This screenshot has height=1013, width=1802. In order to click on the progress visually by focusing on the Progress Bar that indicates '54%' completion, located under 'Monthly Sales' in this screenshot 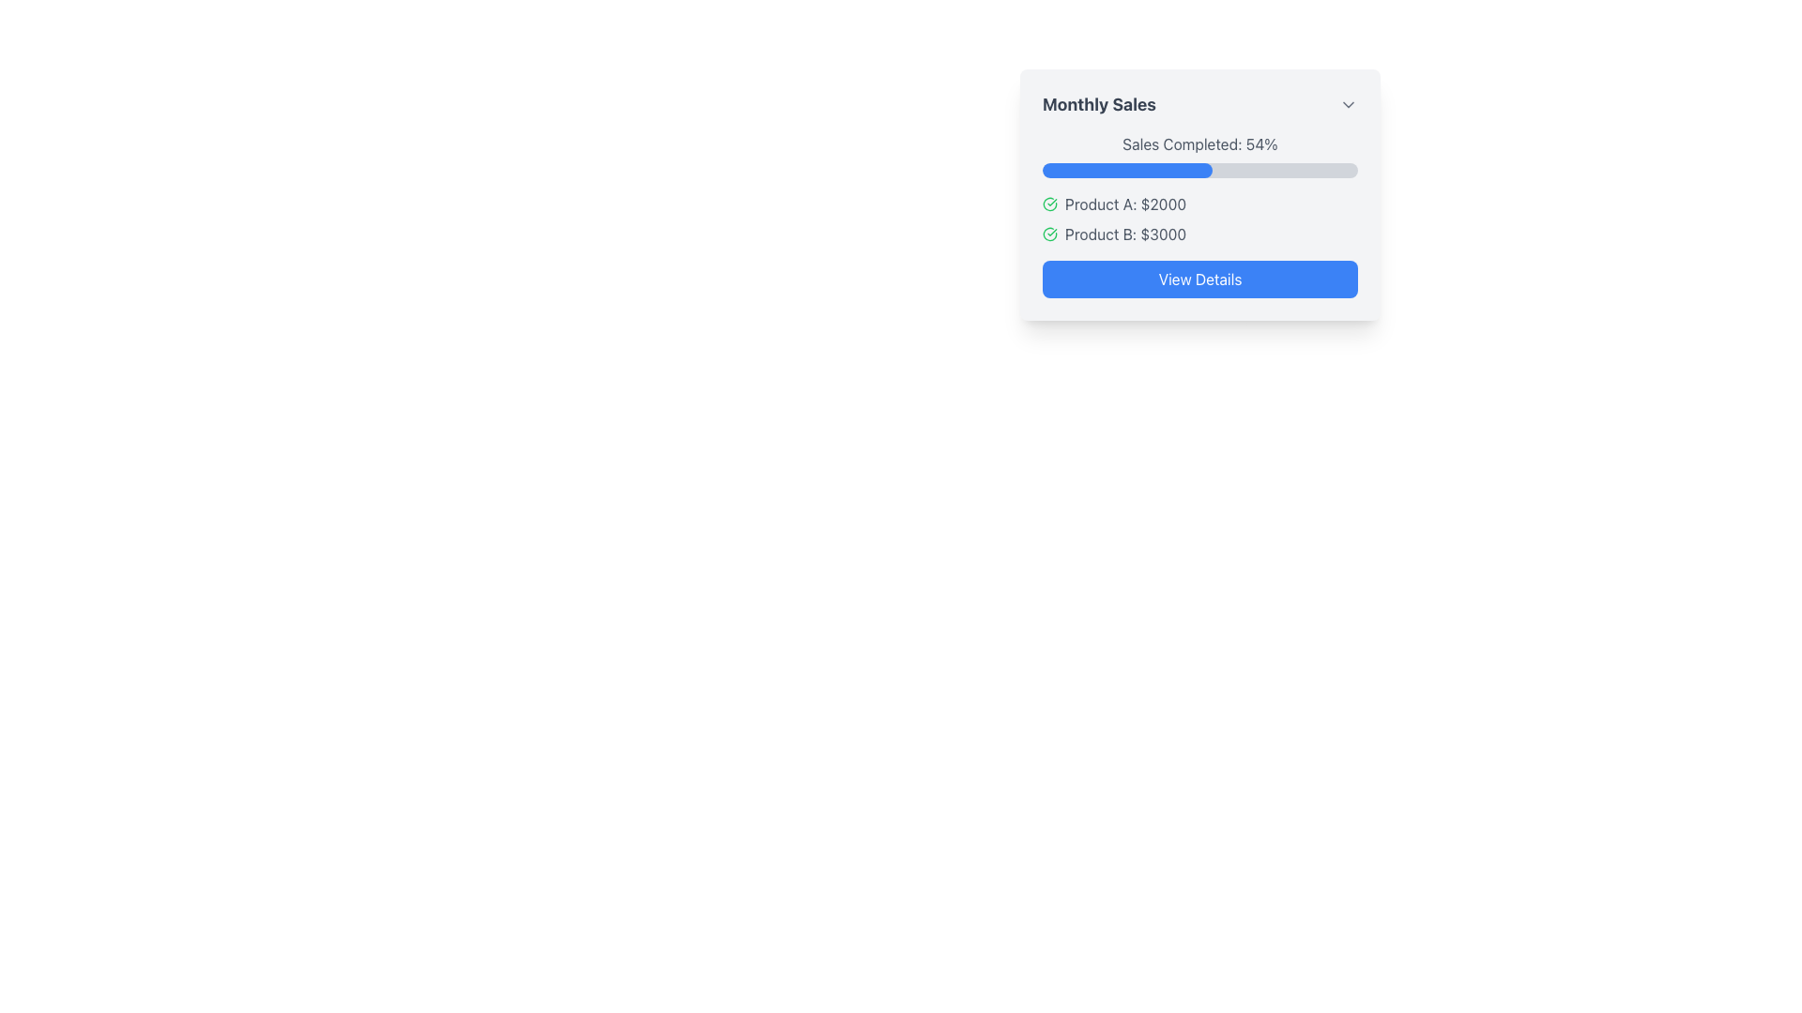, I will do `click(1199, 170)`.